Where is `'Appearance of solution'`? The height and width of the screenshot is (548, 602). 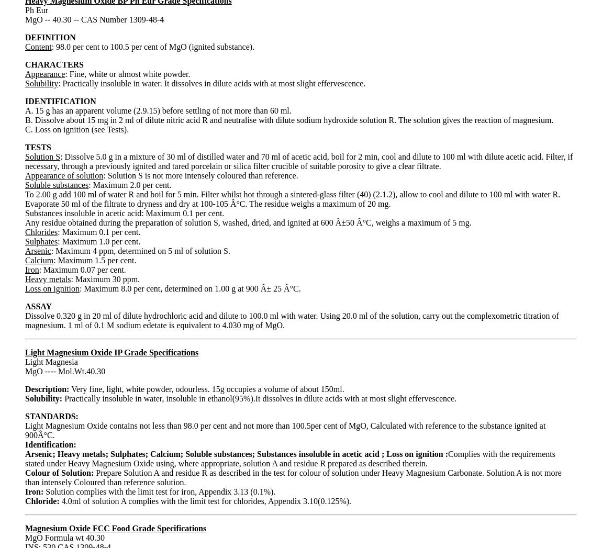 'Appearance of solution' is located at coordinates (24, 175).